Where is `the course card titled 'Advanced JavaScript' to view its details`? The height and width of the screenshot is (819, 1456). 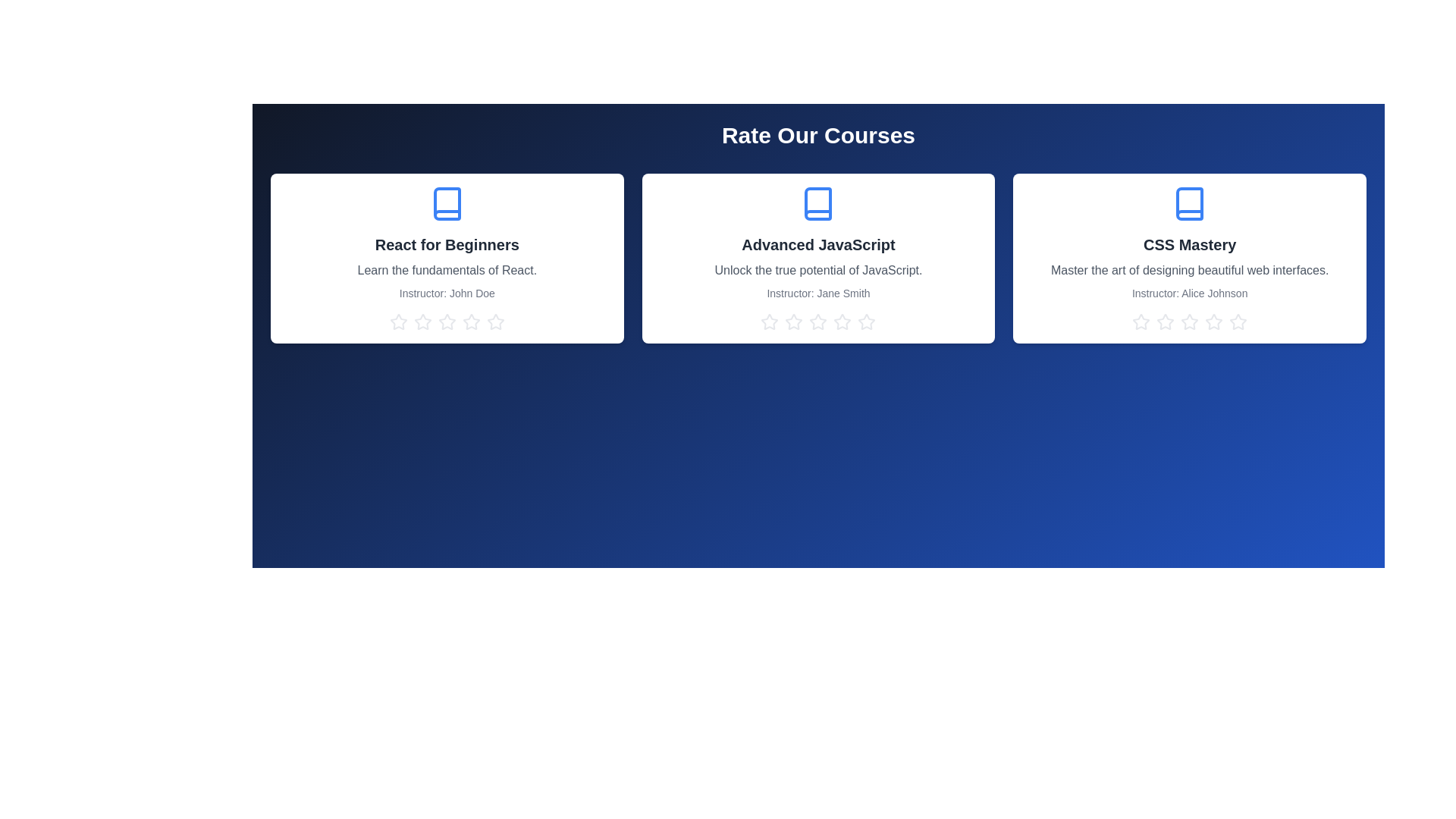 the course card titled 'Advanced JavaScript' to view its details is located at coordinates (817, 257).